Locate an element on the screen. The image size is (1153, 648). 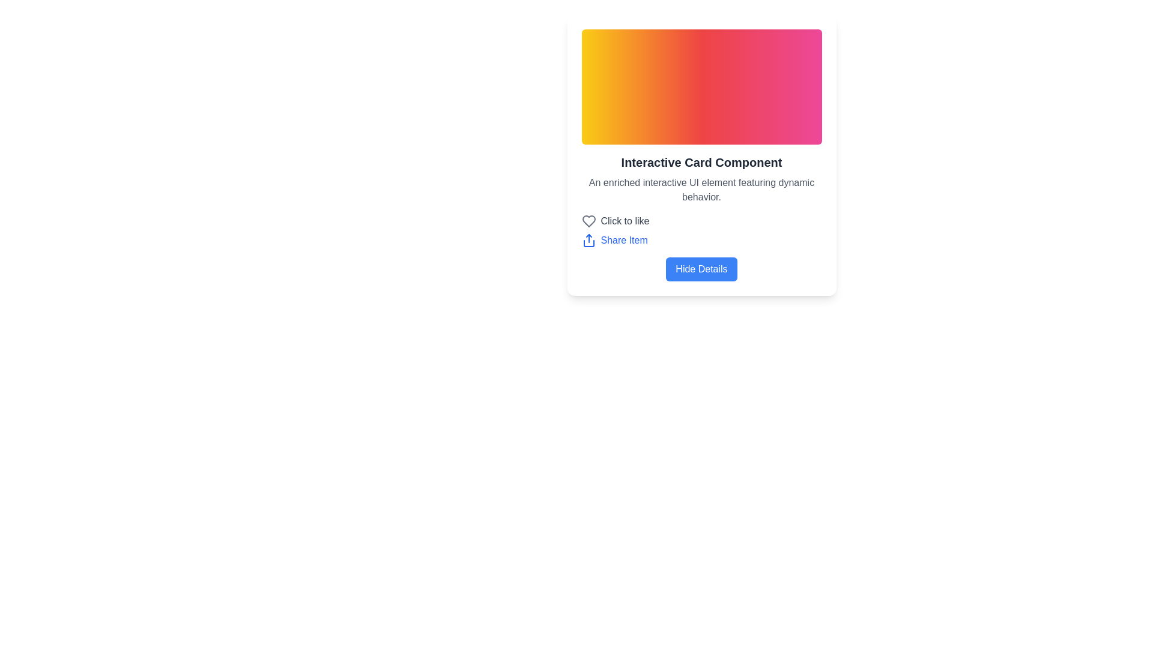
the SVG share icon, which is styled in blue and located to the left of the 'Share Item' text, positioned near the bottom section of a card layout is located at coordinates (589, 241).